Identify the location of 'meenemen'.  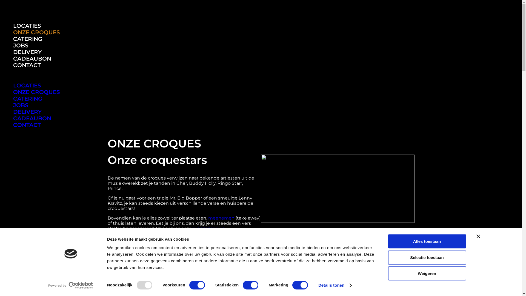
(221, 218).